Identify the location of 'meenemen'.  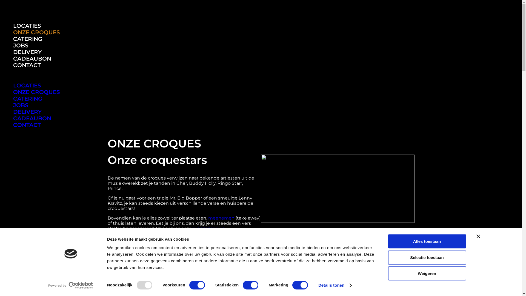
(221, 218).